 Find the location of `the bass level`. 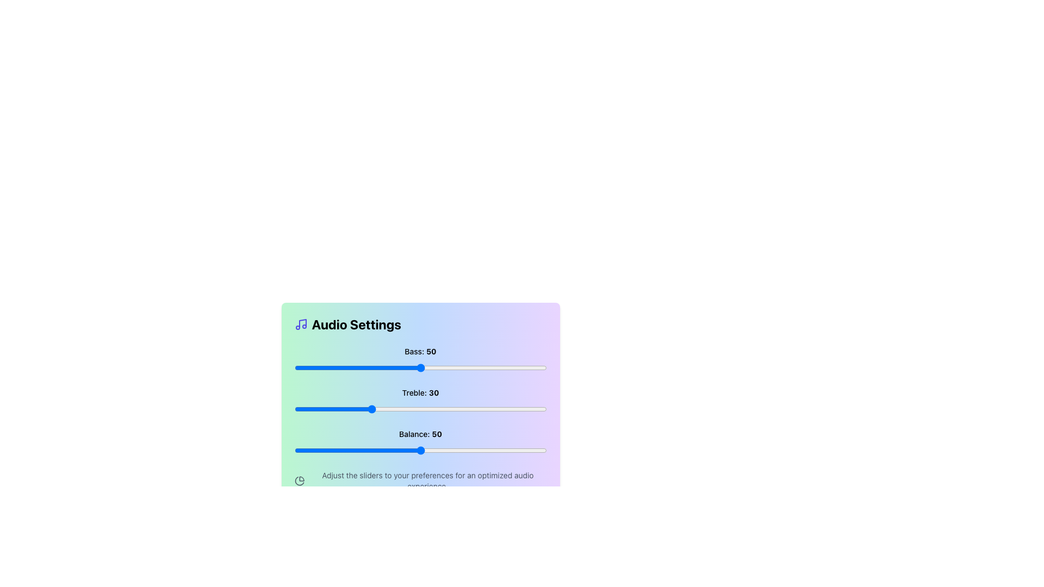

the bass level is located at coordinates (443, 367).